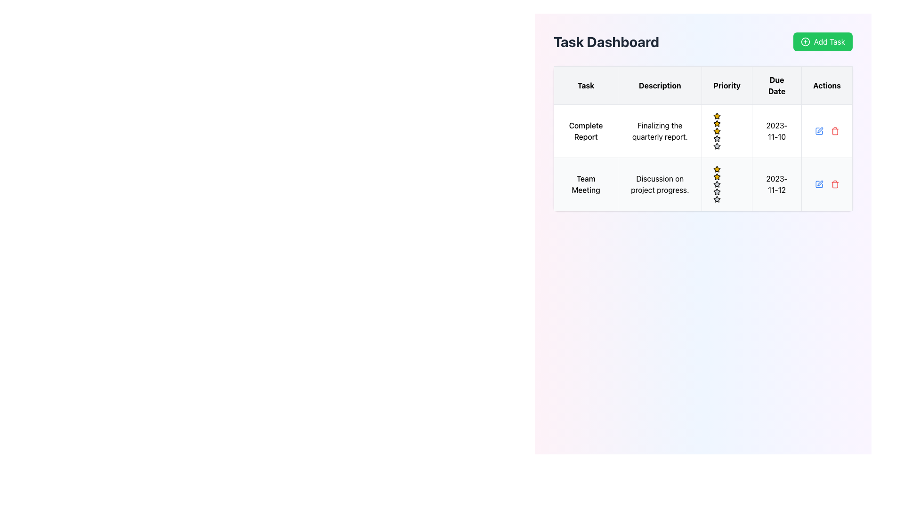  What do you see at coordinates (835, 185) in the screenshot?
I see `the main body of the trash can icon located in the 'Actions' column of the second row for 'Team Meeting'` at bounding box center [835, 185].